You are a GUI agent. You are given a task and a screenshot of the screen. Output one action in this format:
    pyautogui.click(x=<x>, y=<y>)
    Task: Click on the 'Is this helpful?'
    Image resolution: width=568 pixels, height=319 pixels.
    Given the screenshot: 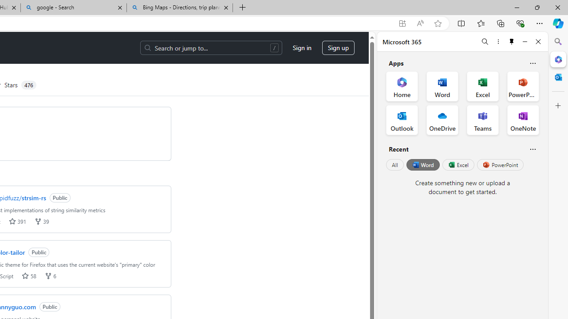 What is the action you would take?
    pyautogui.click(x=532, y=148)
    